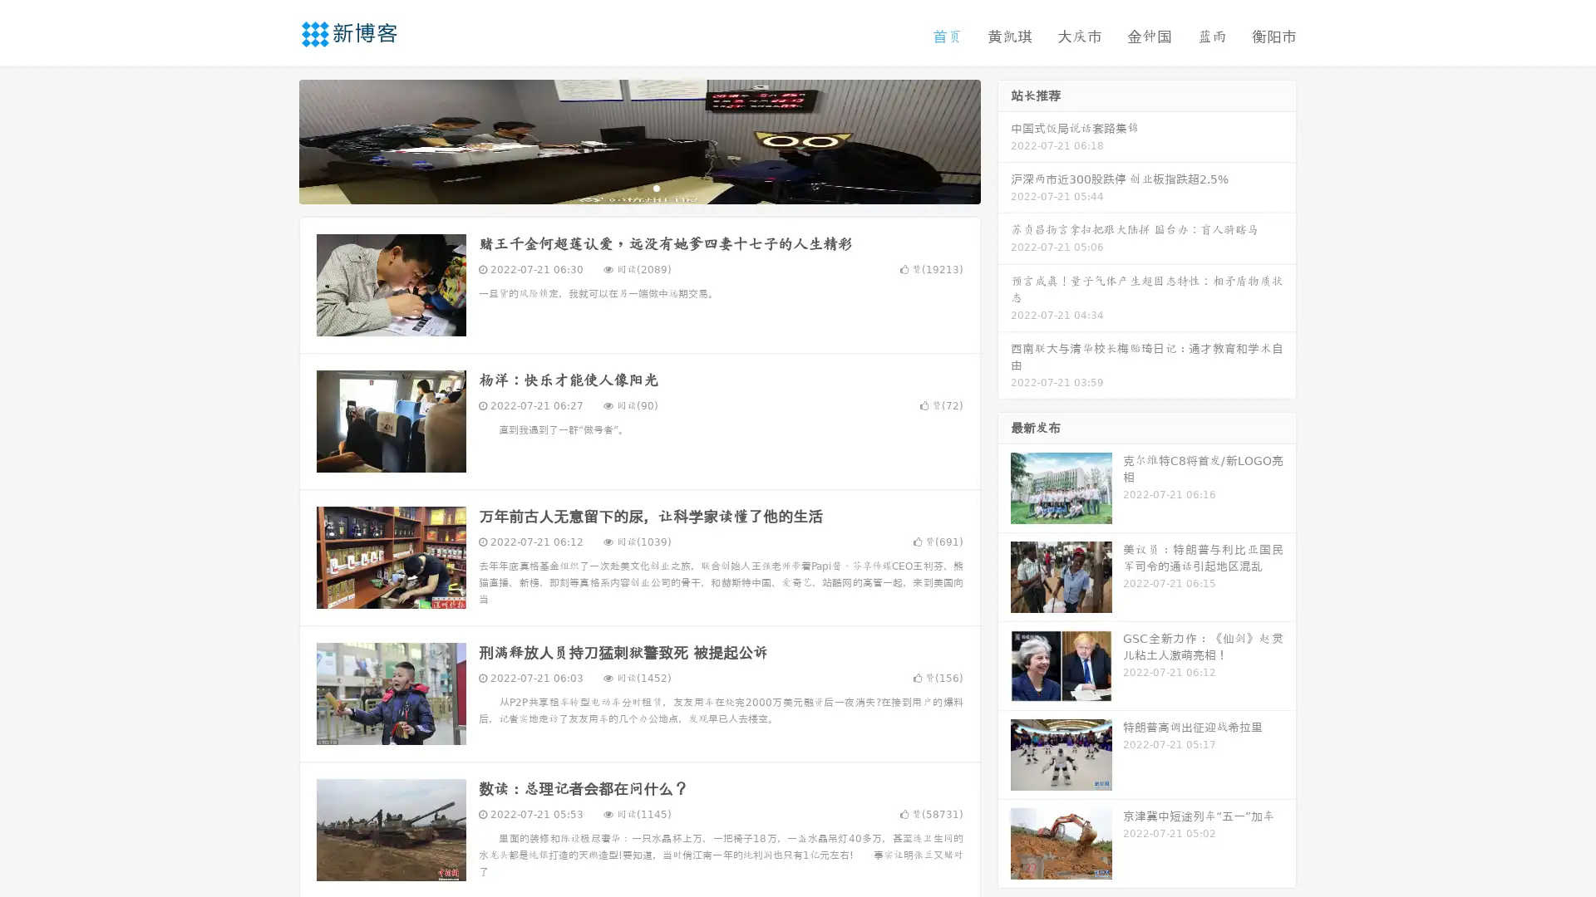 The image size is (1596, 897). Describe the element at coordinates (274, 140) in the screenshot. I see `Previous slide` at that location.